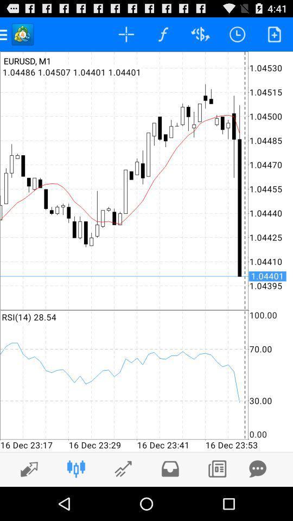 The height and width of the screenshot is (521, 293). Describe the element at coordinates (162, 34) in the screenshot. I see `the fourth option from the left` at that location.